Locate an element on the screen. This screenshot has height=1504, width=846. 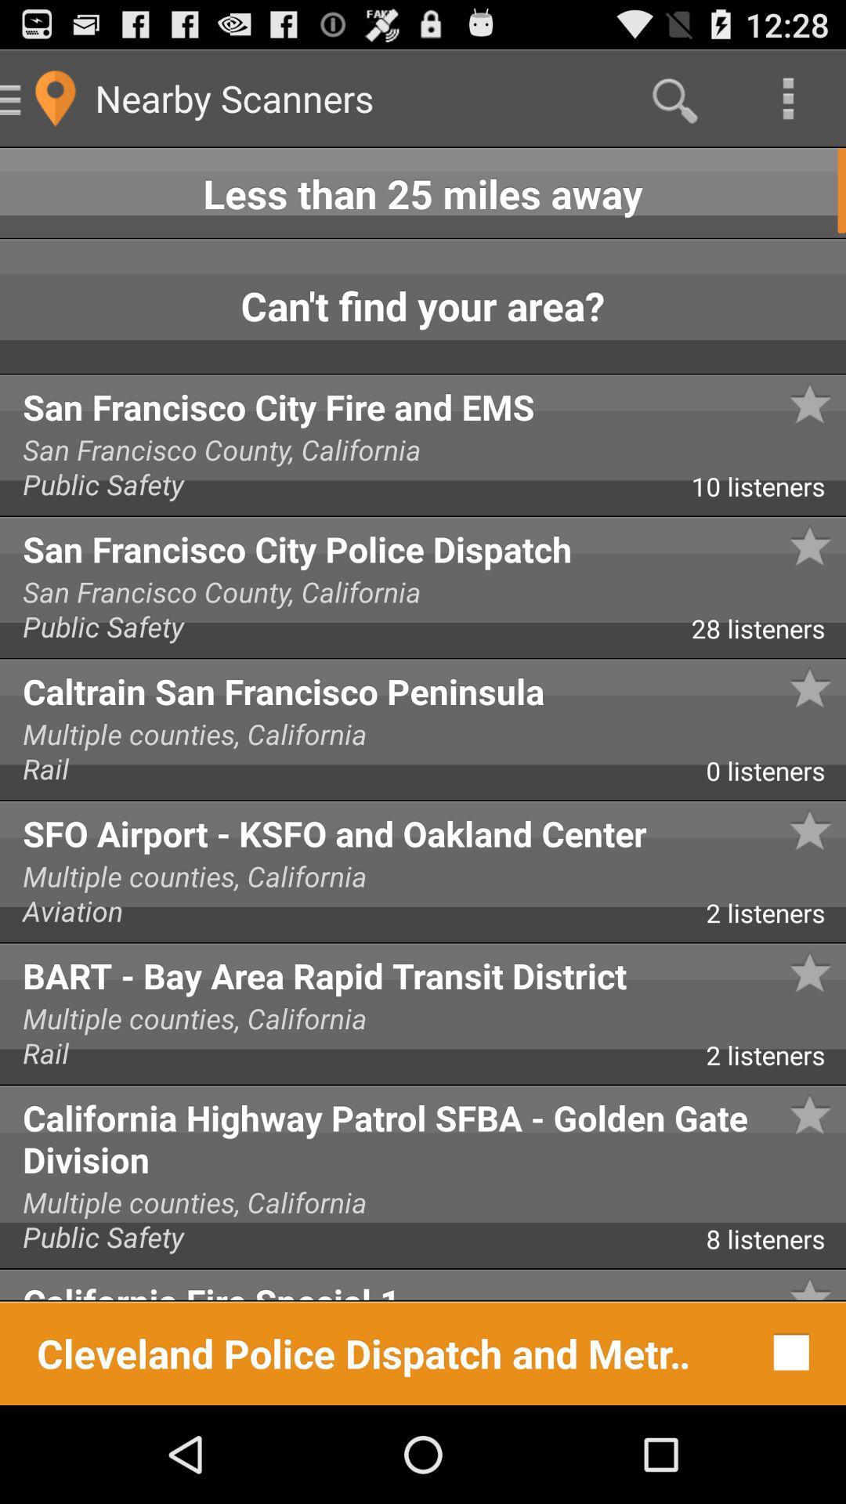
item below 2 listeners icon is located at coordinates (423, 1134).